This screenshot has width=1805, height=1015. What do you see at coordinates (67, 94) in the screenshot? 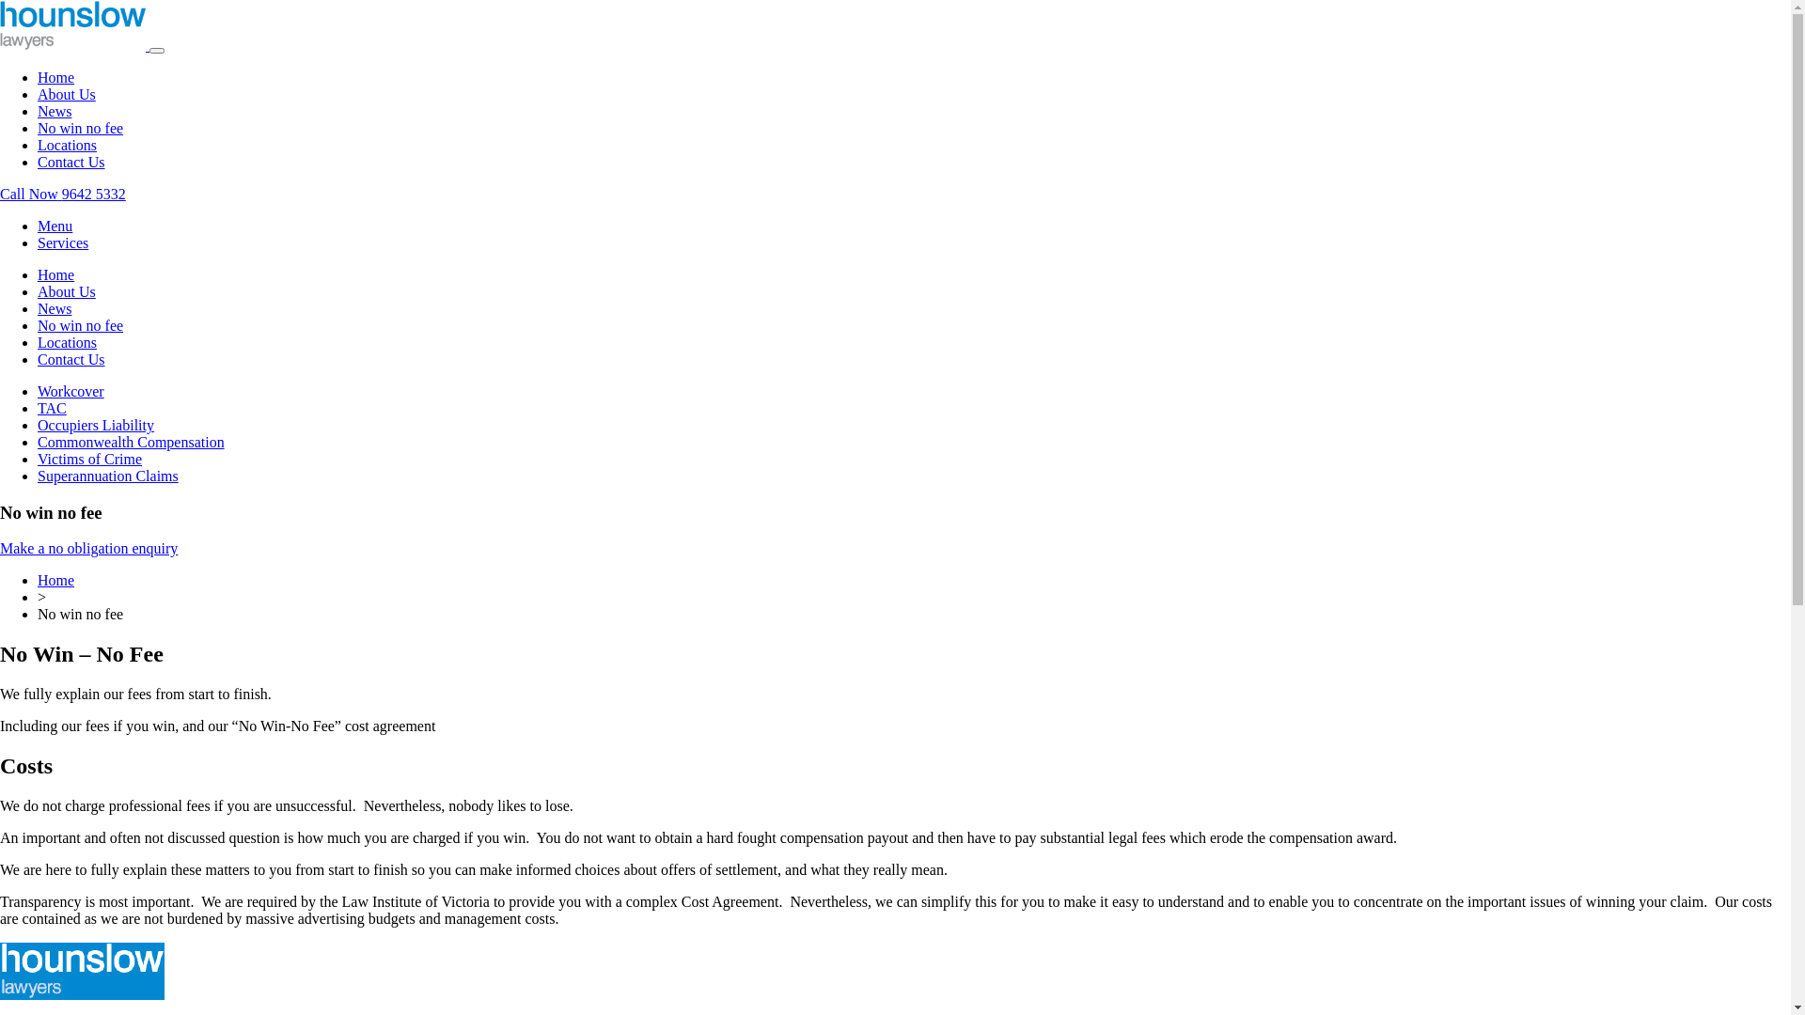
I see `'About Us'` at bounding box center [67, 94].